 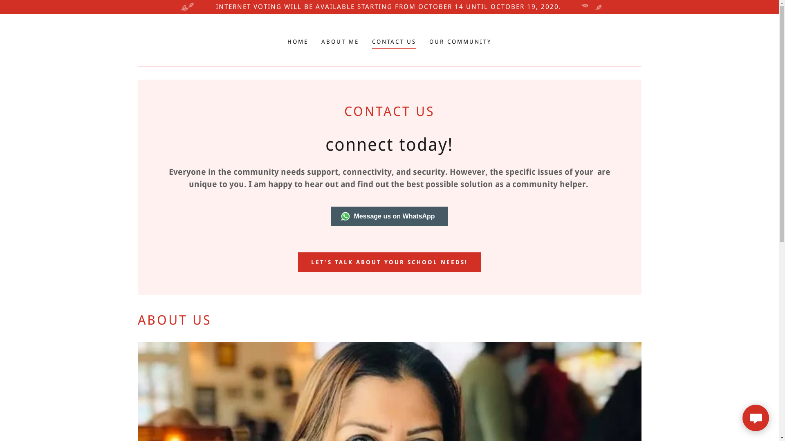 What do you see at coordinates (340, 41) in the screenshot?
I see `'ABOUT ME'` at bounding box center [340, 41].